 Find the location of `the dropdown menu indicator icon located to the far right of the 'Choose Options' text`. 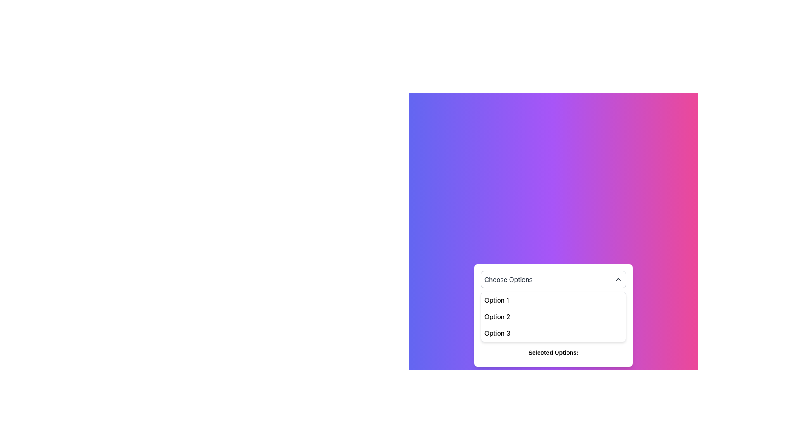

the dropdown menu indicator icon located to the far right of the 'Choose Options' text is located at coordinates (618, 279).